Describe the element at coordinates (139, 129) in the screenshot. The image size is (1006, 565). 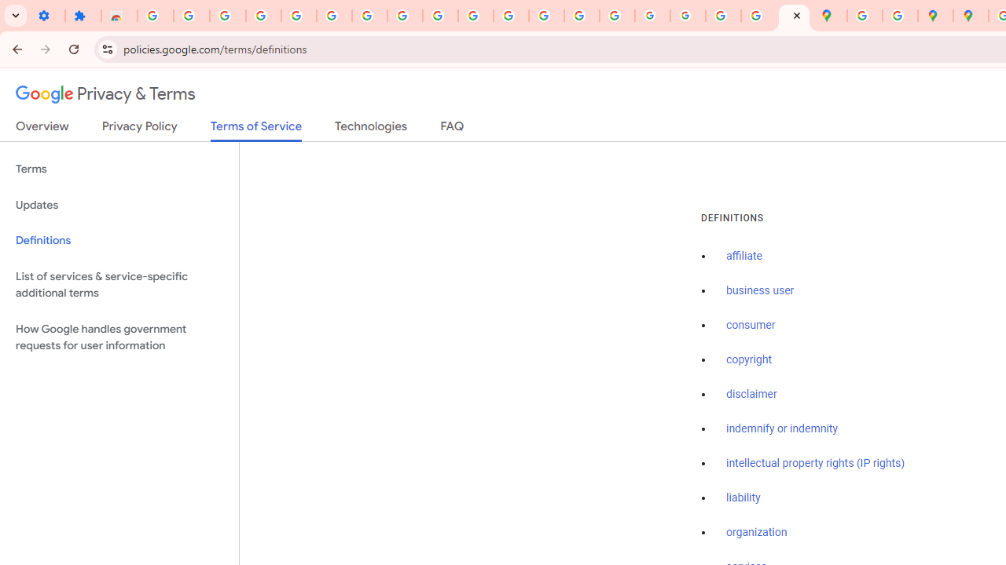
I see `'Privacy Policy'` at that location.